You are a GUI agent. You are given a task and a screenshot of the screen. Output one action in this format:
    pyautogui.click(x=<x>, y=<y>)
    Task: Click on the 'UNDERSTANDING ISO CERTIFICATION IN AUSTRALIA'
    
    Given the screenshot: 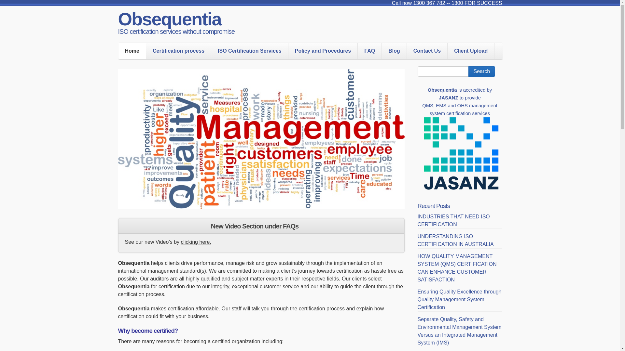 What is the action you would take?
    pyautogui.click(x=455, y=240)
    